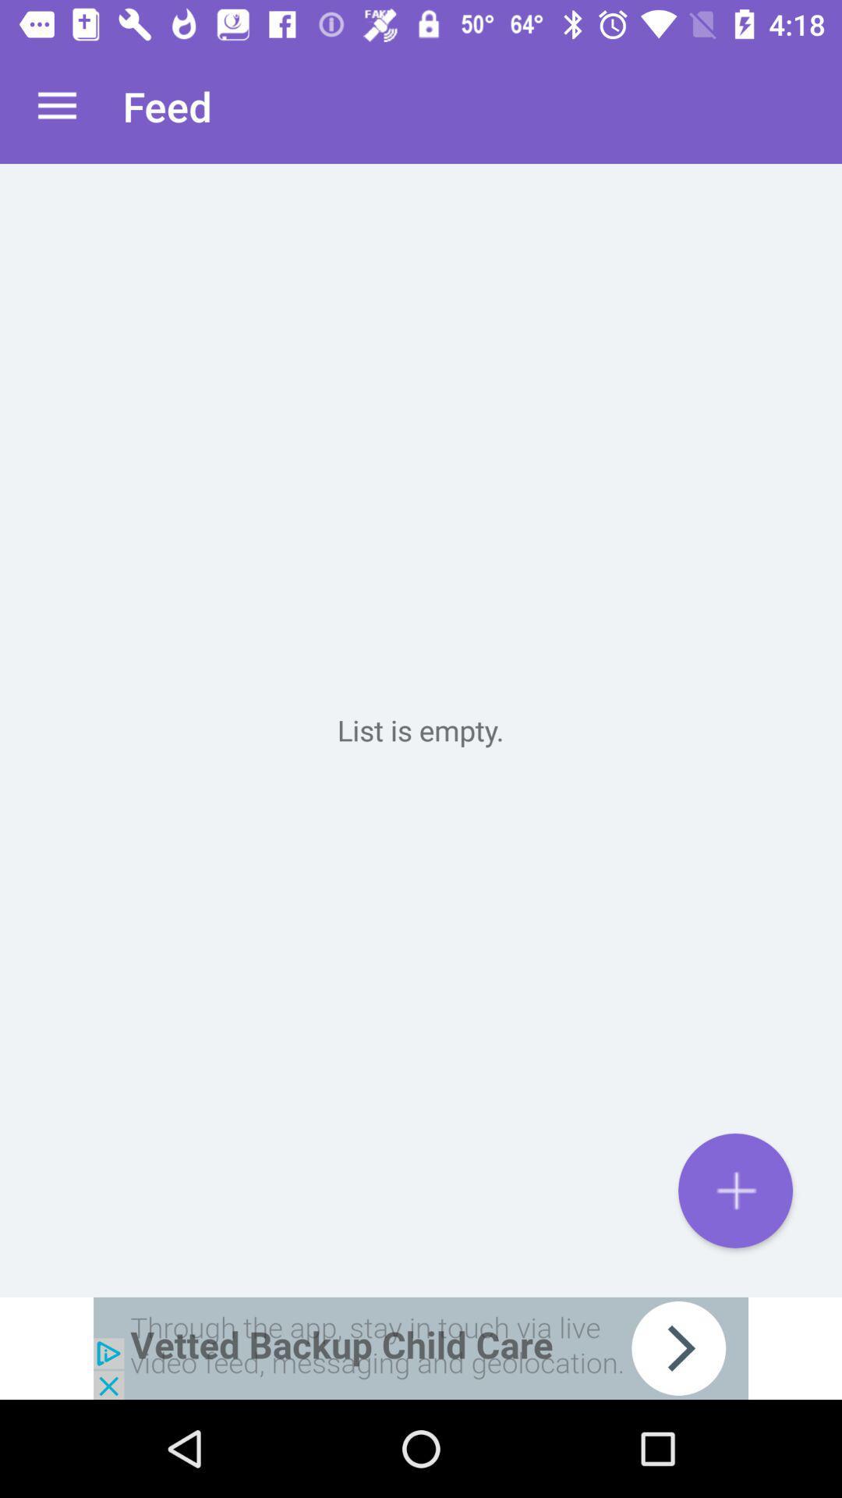 Image resolution: width=842 pixels, height=1498 pixels. What do you see at coordinates (735, 1190) in the screenshot?
I see `to list` at bounding box center [735, 1190].